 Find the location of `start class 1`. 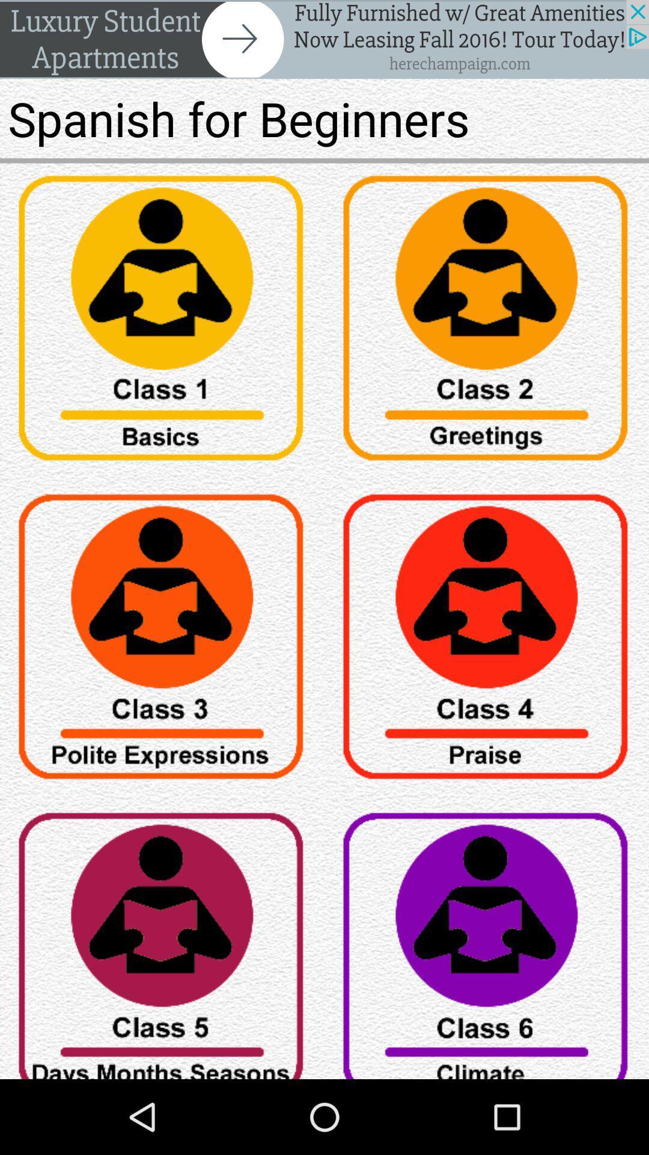

start class 1 is located at coordinates (162, 322).